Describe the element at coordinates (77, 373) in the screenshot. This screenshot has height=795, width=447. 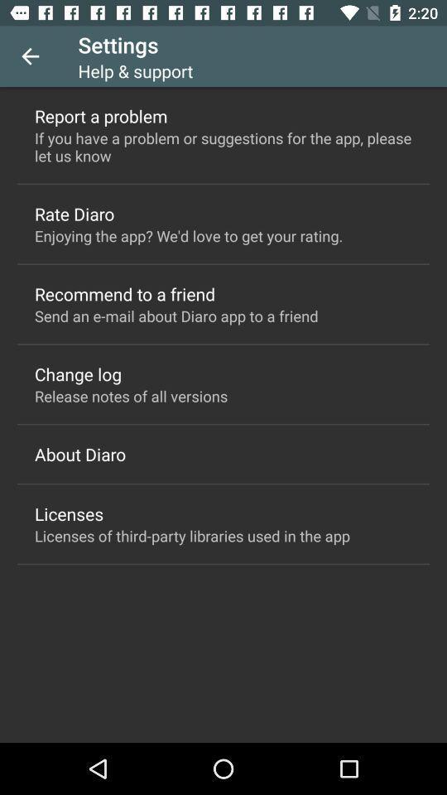
I see `icon above release notes of icon` at that location.